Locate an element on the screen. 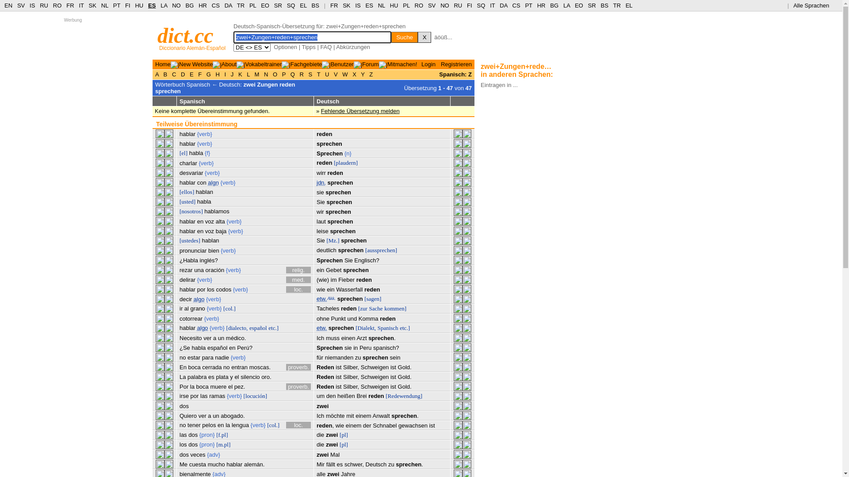  'habla' is located at coordinates (203, 201).